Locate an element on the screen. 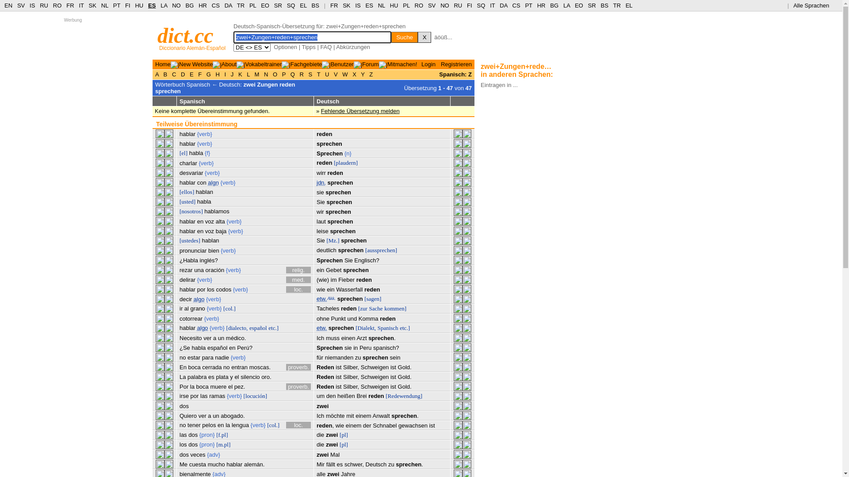  'habla' is located at coordinates (203, 201).